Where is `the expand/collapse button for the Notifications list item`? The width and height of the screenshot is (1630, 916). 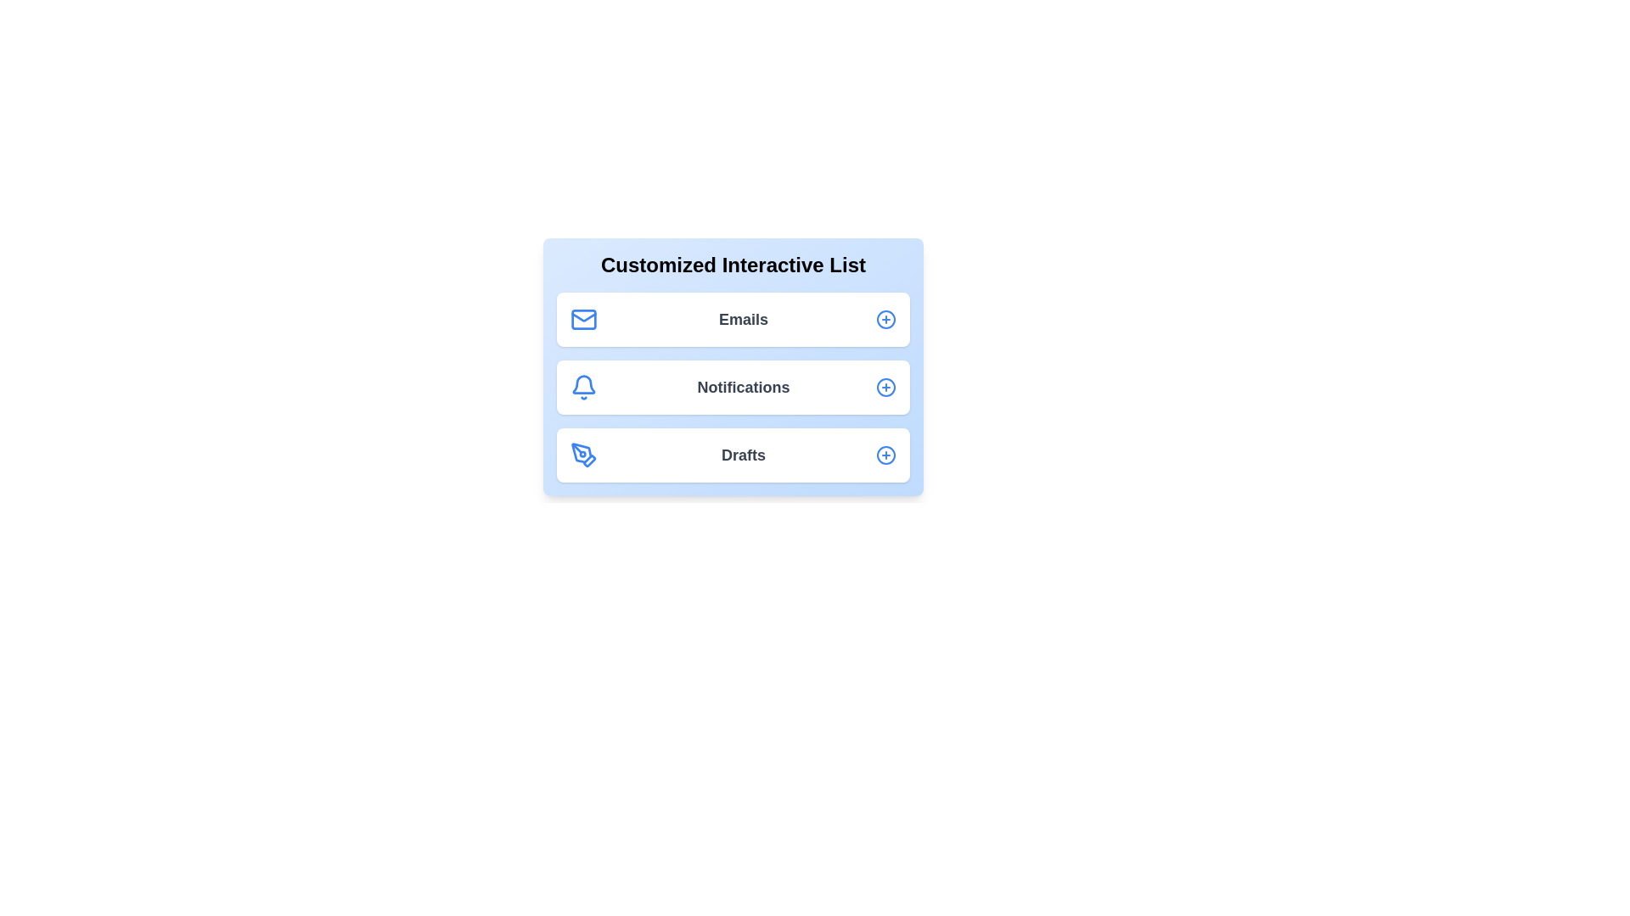 the expand/collapse button for the Notifications list item is located at coordinates (885, 387).